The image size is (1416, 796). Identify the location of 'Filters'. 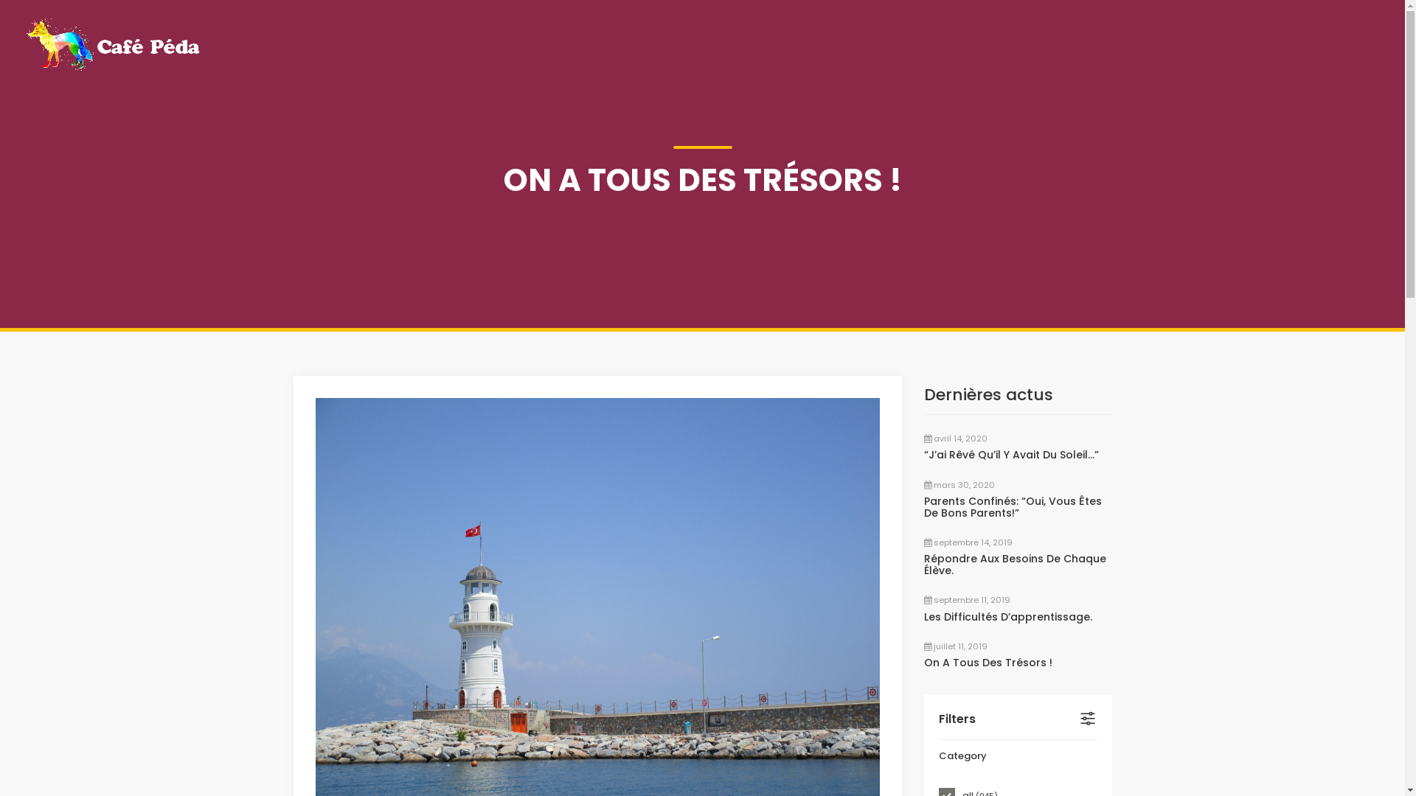
(937, 718).